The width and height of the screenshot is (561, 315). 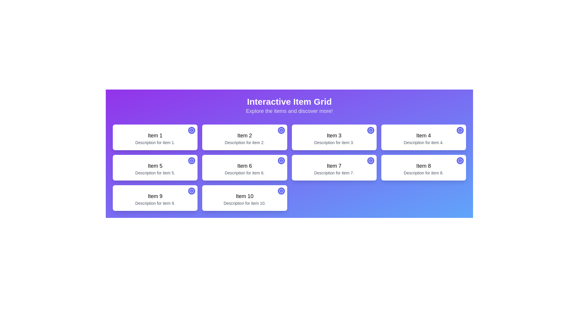 What do you see at coordinates (192, 130) in the screenshot?
I see `the information indicator icon located in the top-right corner of the 'Item 1' card` at bounding box center [192, 130].